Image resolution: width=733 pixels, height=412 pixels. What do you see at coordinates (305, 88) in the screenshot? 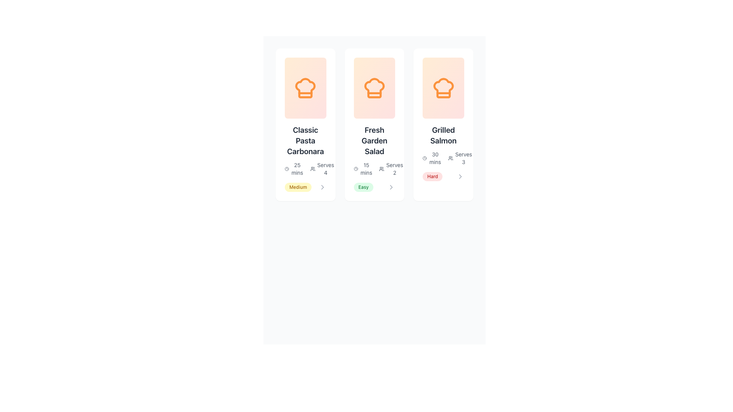
I see `the chef's hat icon located at the top center of the first card, which is associated with culinary content` at bounding box center [305, 88].